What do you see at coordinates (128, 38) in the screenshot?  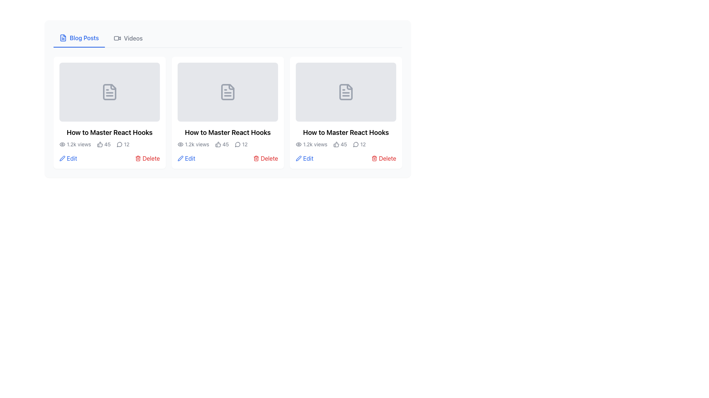 I see `the 'Videos' tab element` at bounding box center [128, 38].